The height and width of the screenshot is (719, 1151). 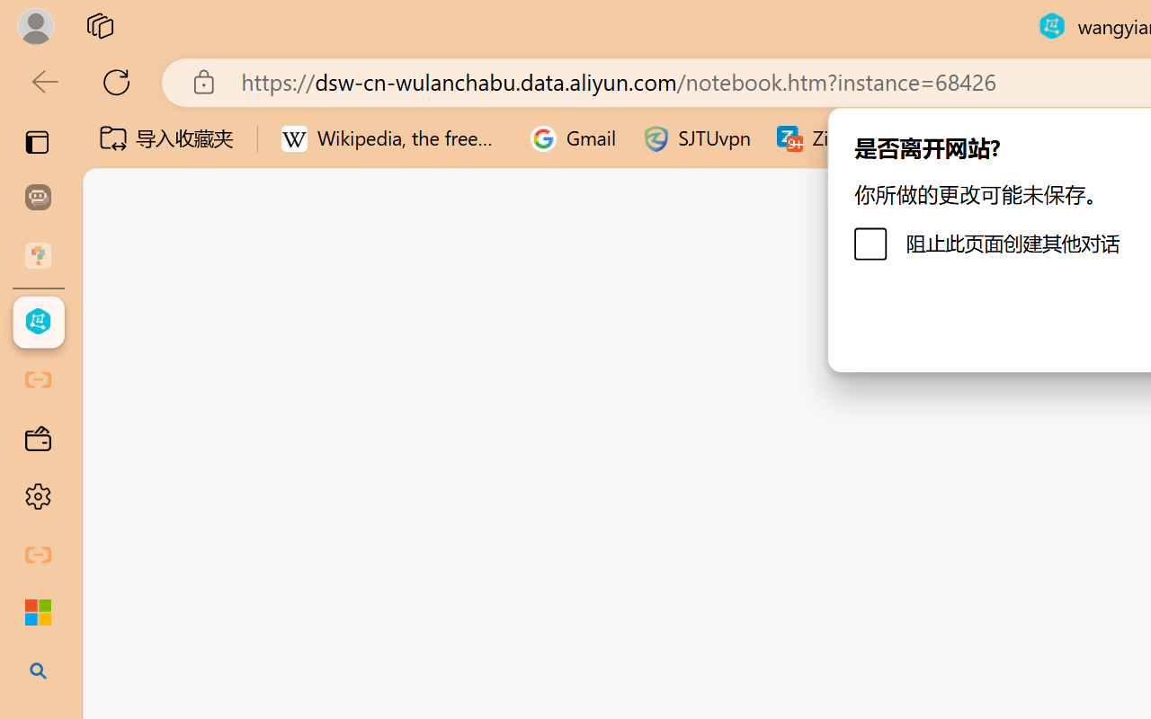 I want to click on 'Gmail', so click(x=573, y=138).